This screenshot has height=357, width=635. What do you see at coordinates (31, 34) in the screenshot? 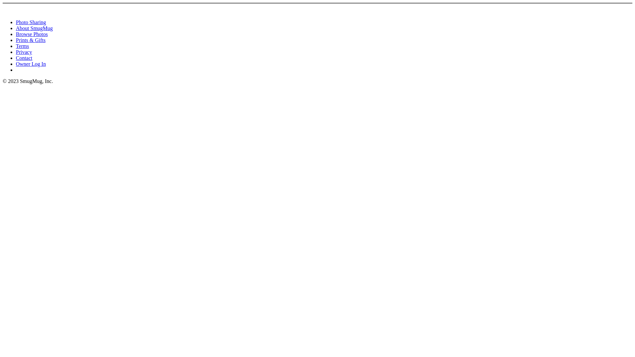
I see `'Browse Photos'` at bounding box center [31, 34].